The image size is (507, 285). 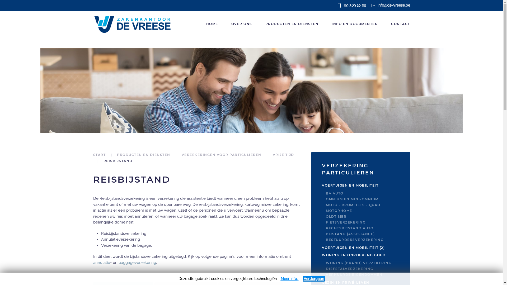 What do you see at coordinates (367, 269) in the screenshot?
I see `'DIEFSTALVERZEKERING'` at bounding box center [367, 269].